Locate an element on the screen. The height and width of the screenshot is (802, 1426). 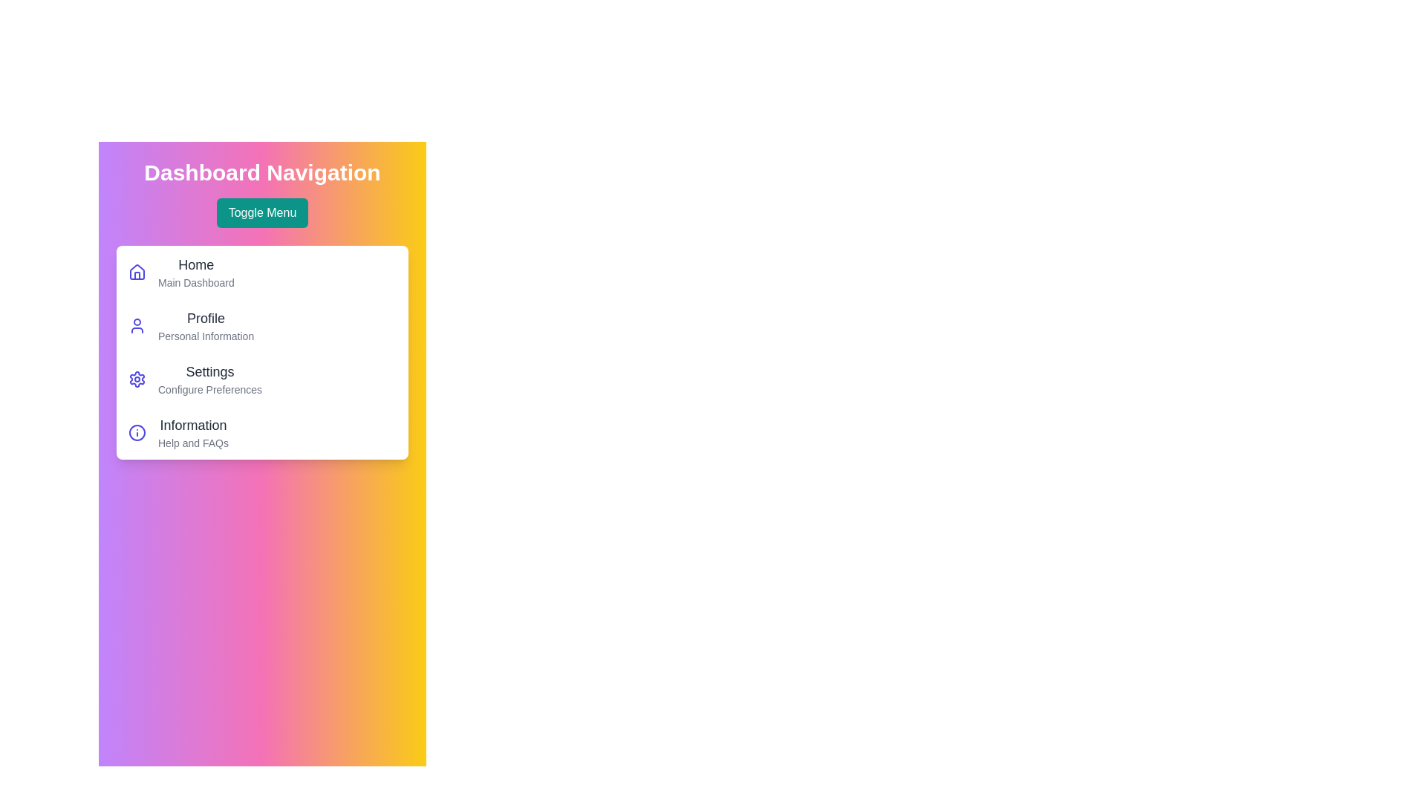
the Settings icon in the menu is located at coordinates (137, 378).